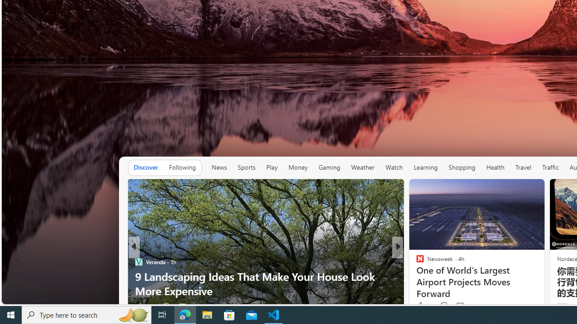  I want to click on 'View comments 5 Comment', so click(463, 306).